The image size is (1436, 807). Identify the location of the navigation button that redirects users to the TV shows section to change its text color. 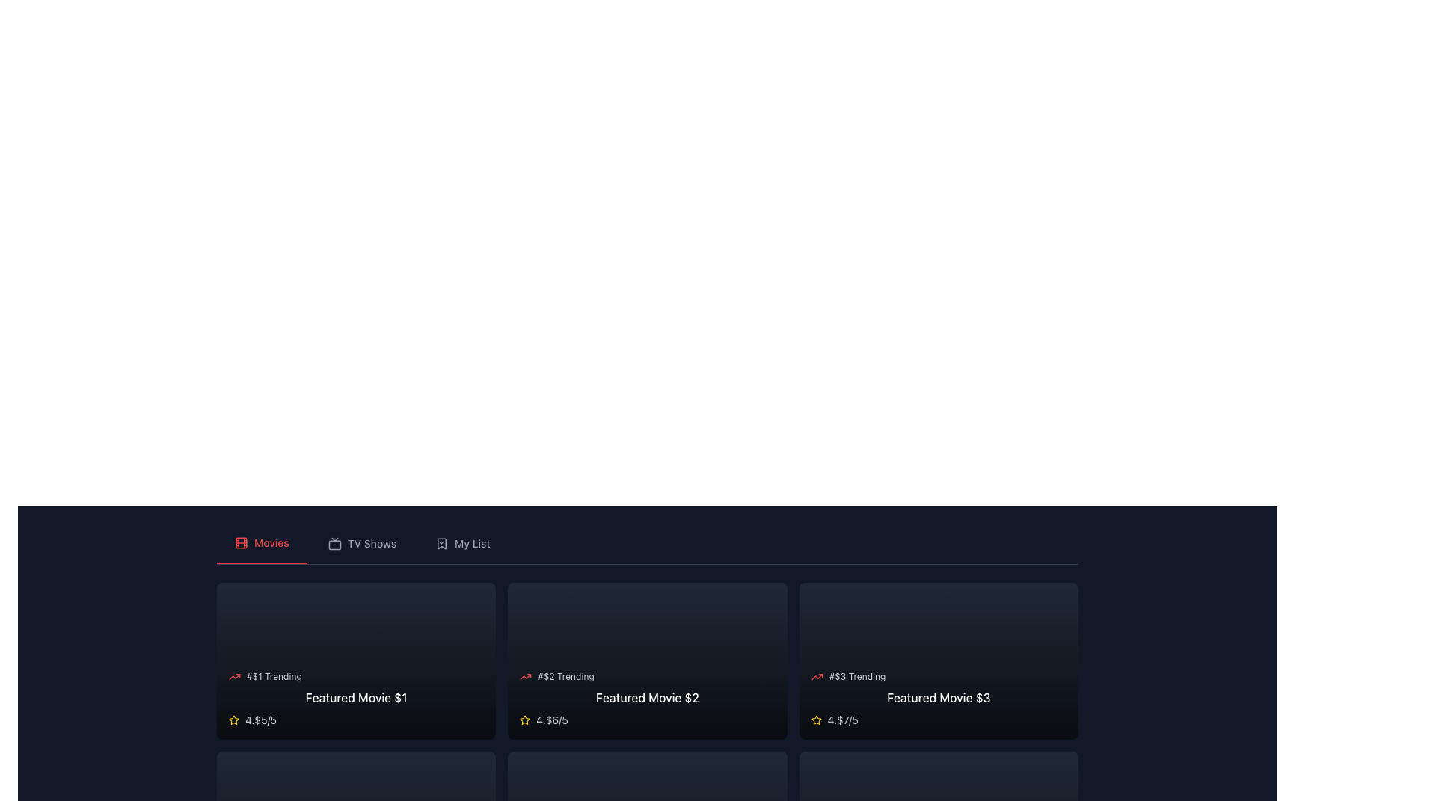
(362, 544).